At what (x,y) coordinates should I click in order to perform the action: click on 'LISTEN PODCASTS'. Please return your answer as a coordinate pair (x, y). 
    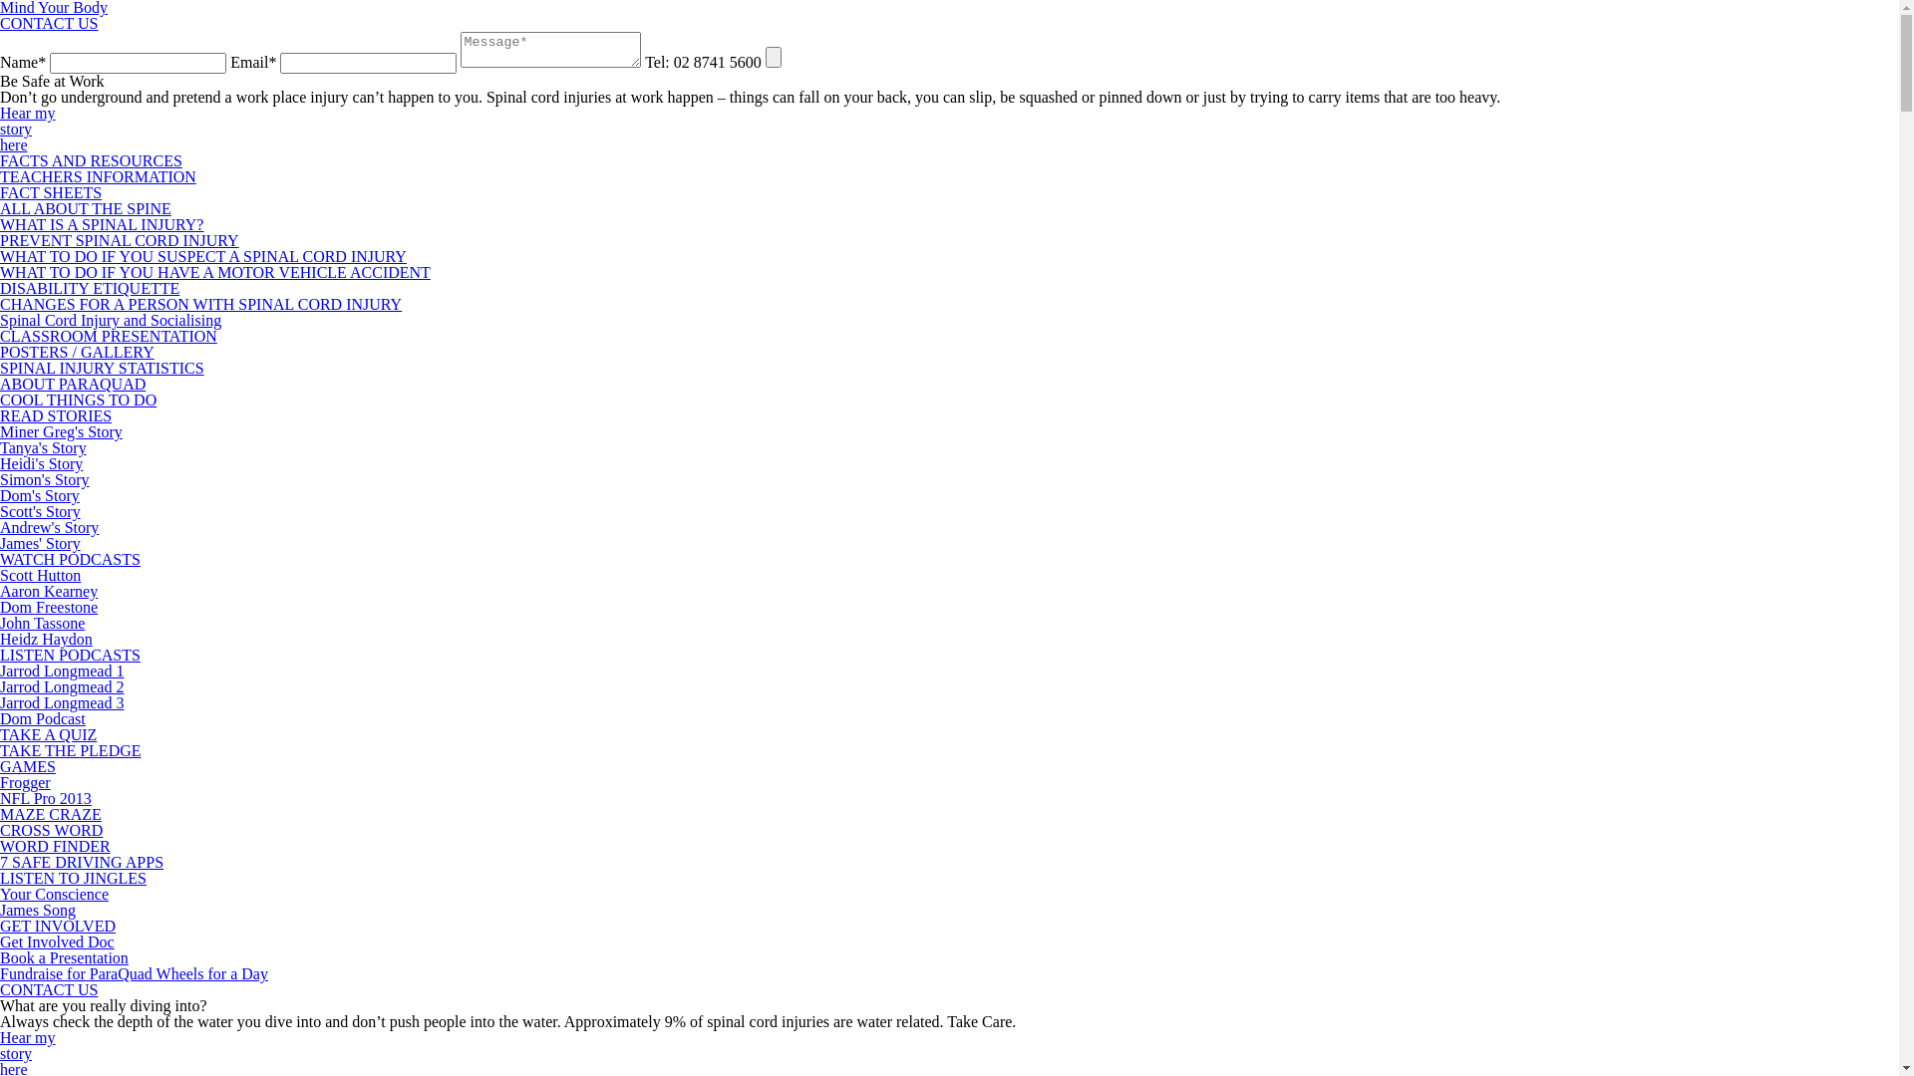
    Looking at the image, I should click on (70, 655).